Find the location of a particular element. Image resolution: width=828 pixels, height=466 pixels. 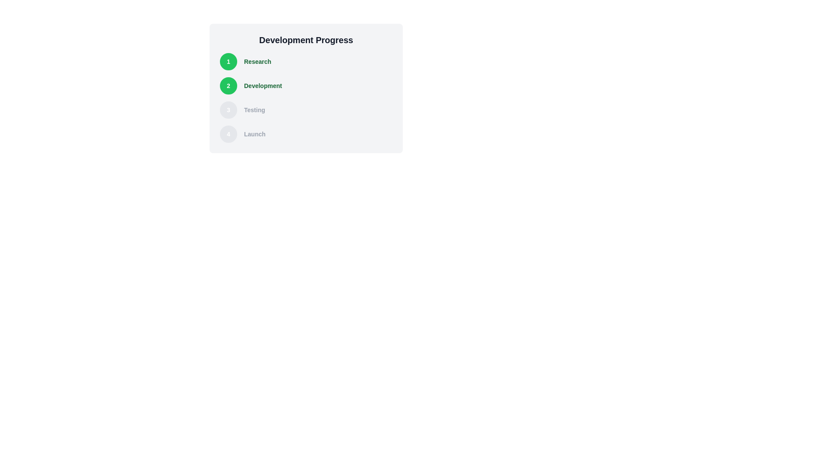

the digit '4' displayed in the circular progress indicator with a gray background and a white border located to the left of the text 'Launch' is located at coordinates (228, 134).